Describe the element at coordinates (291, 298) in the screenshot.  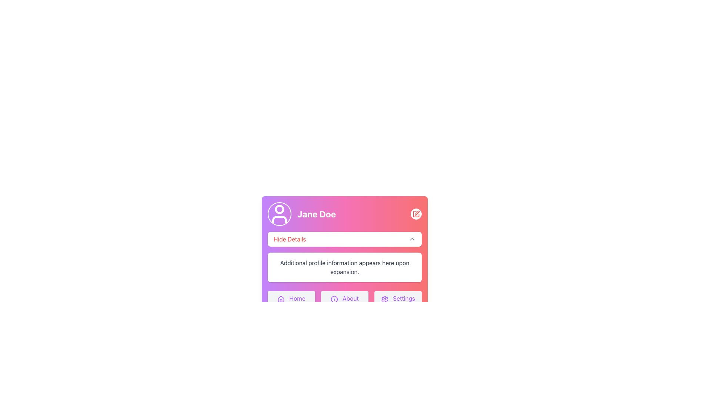
I see `the 'Home' button located at the bottom section of the profile card or form` at that location.